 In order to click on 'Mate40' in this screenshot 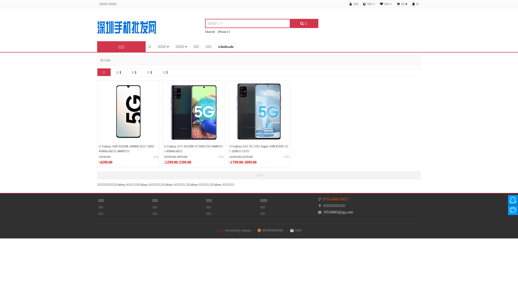, I will do `click(205, 32)`.